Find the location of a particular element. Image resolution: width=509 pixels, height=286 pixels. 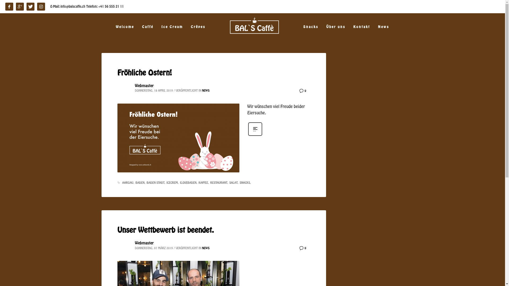

'Ice Cream' is located at coordinates (158, 27).